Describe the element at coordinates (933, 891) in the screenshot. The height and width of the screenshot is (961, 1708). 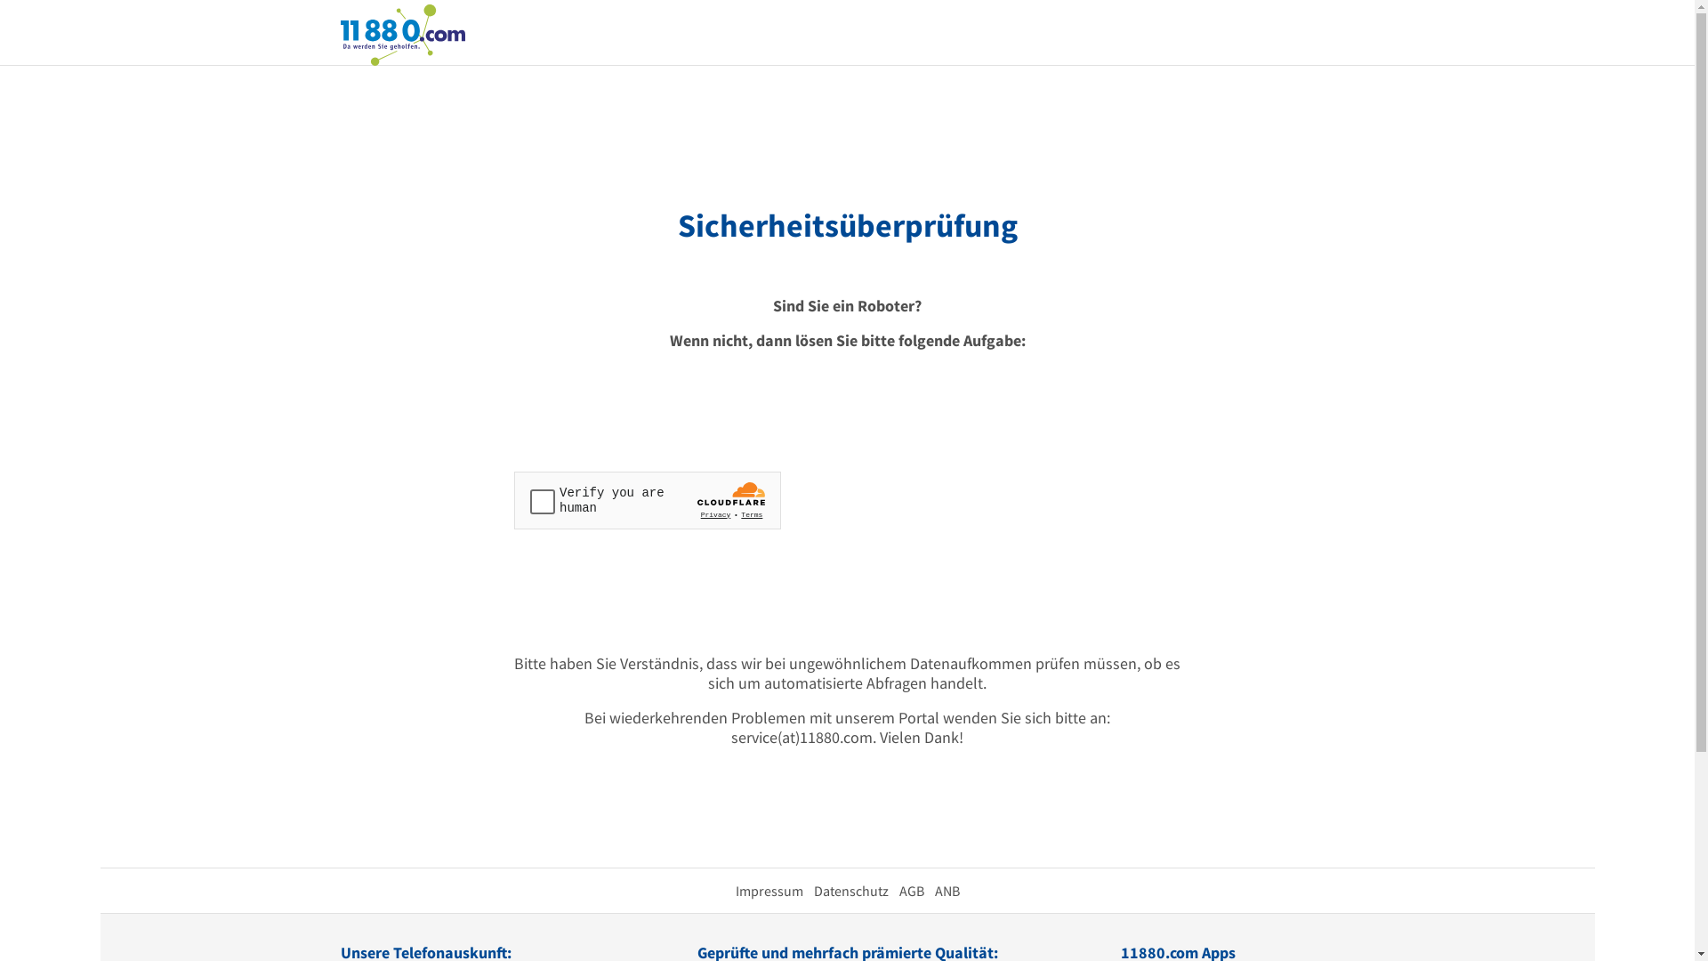
I see `'ANB'` at that location.